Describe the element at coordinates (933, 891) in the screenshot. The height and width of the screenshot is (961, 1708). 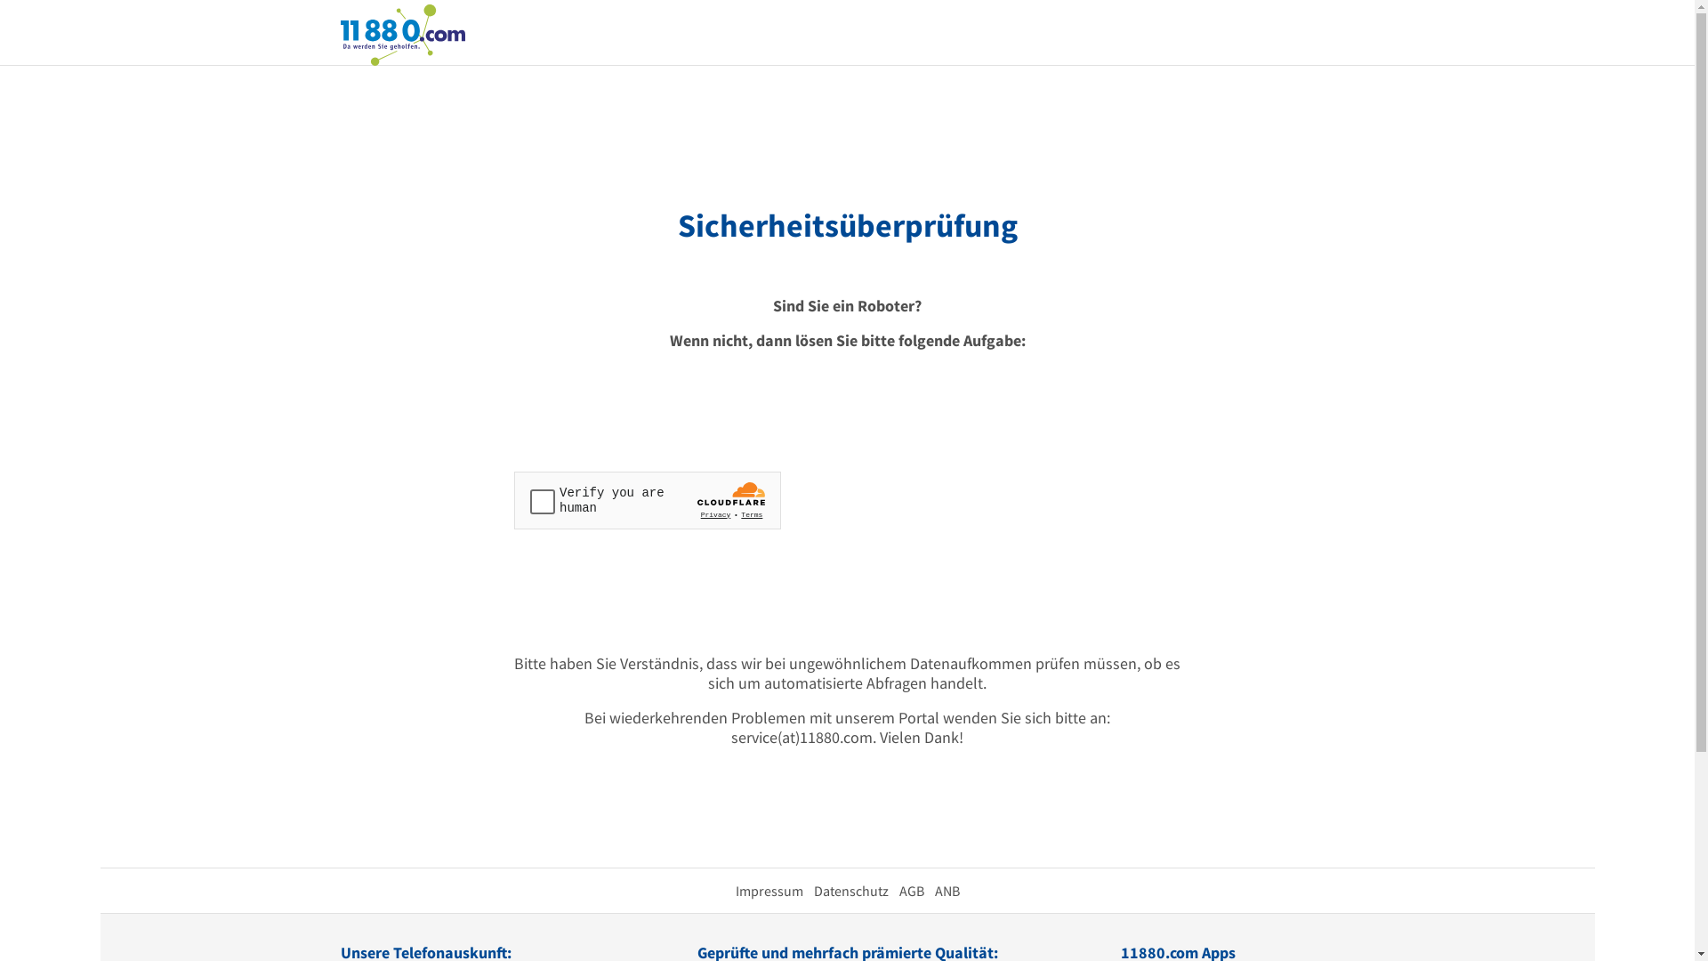
I see `'ANB'` at that location.